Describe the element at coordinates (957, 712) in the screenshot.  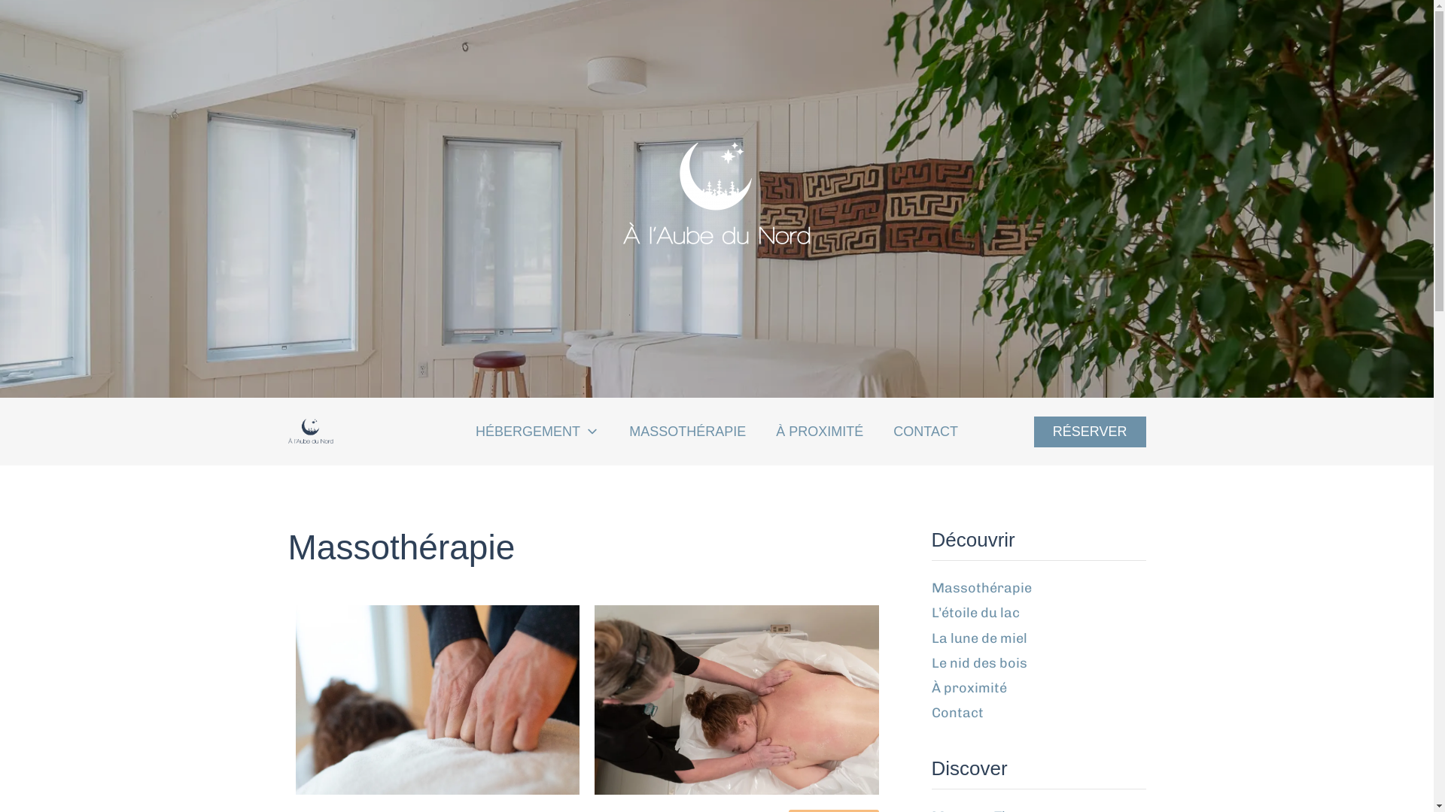
I see `'Contact'` at that location.